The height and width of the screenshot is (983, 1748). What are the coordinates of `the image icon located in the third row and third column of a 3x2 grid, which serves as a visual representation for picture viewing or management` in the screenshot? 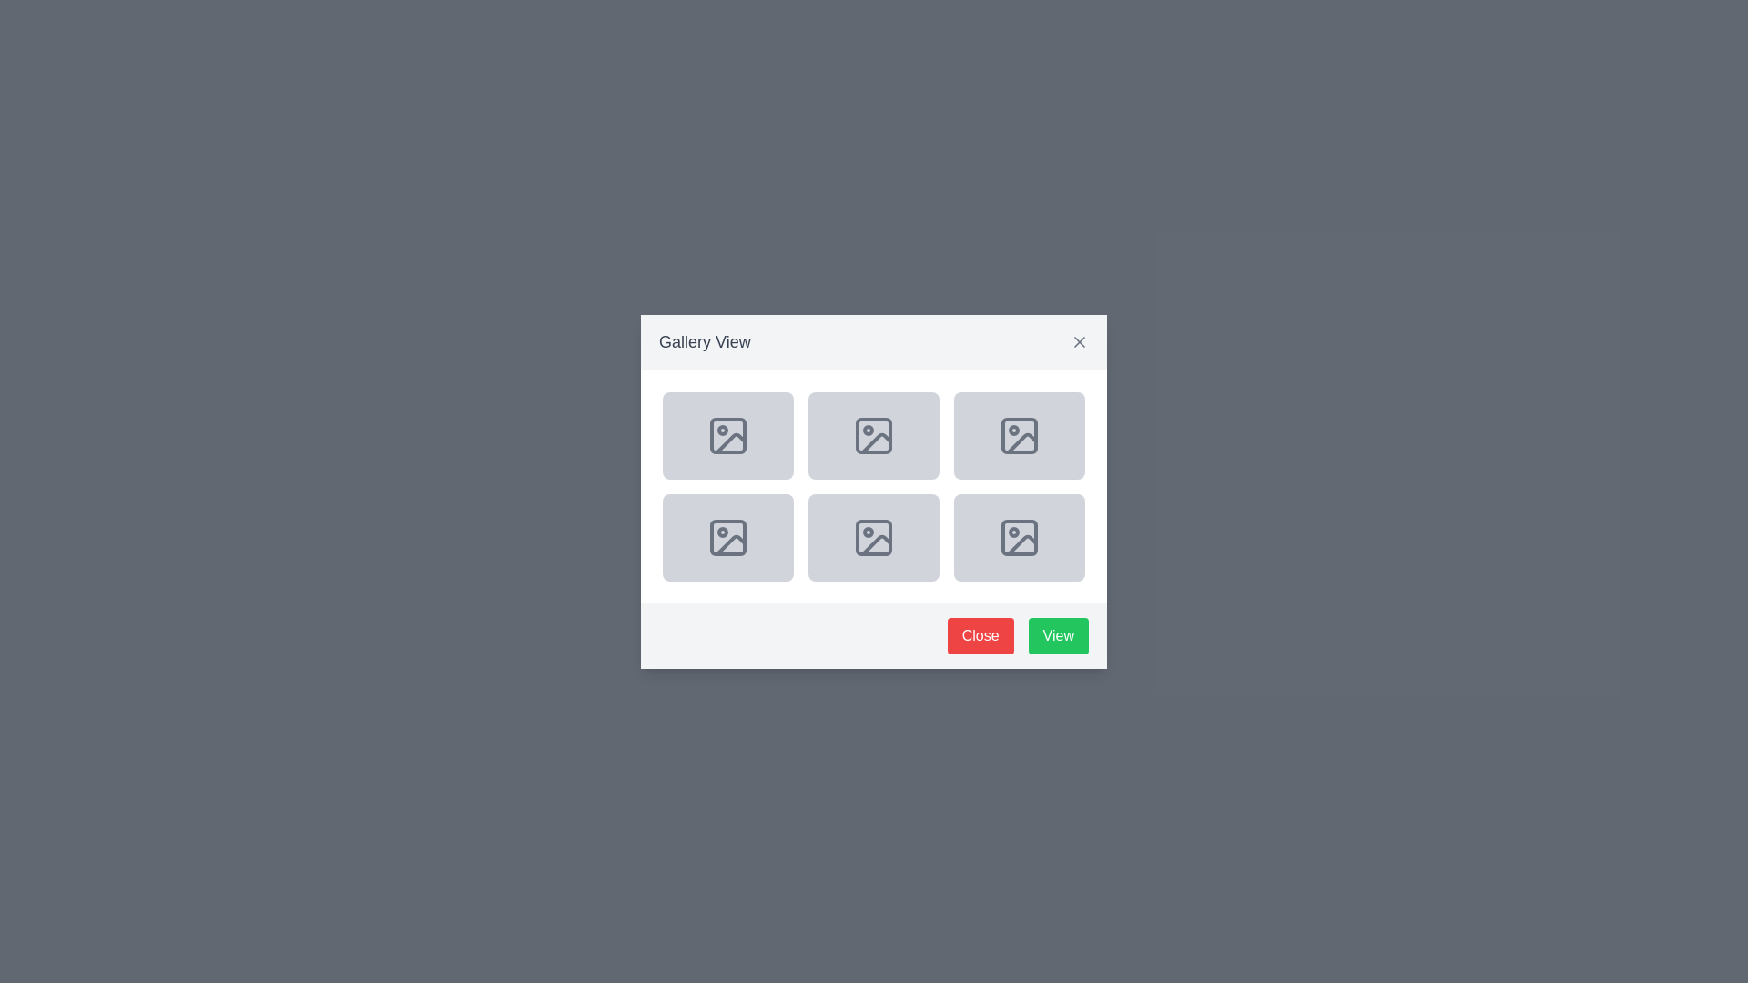 It's located at (877, 542).